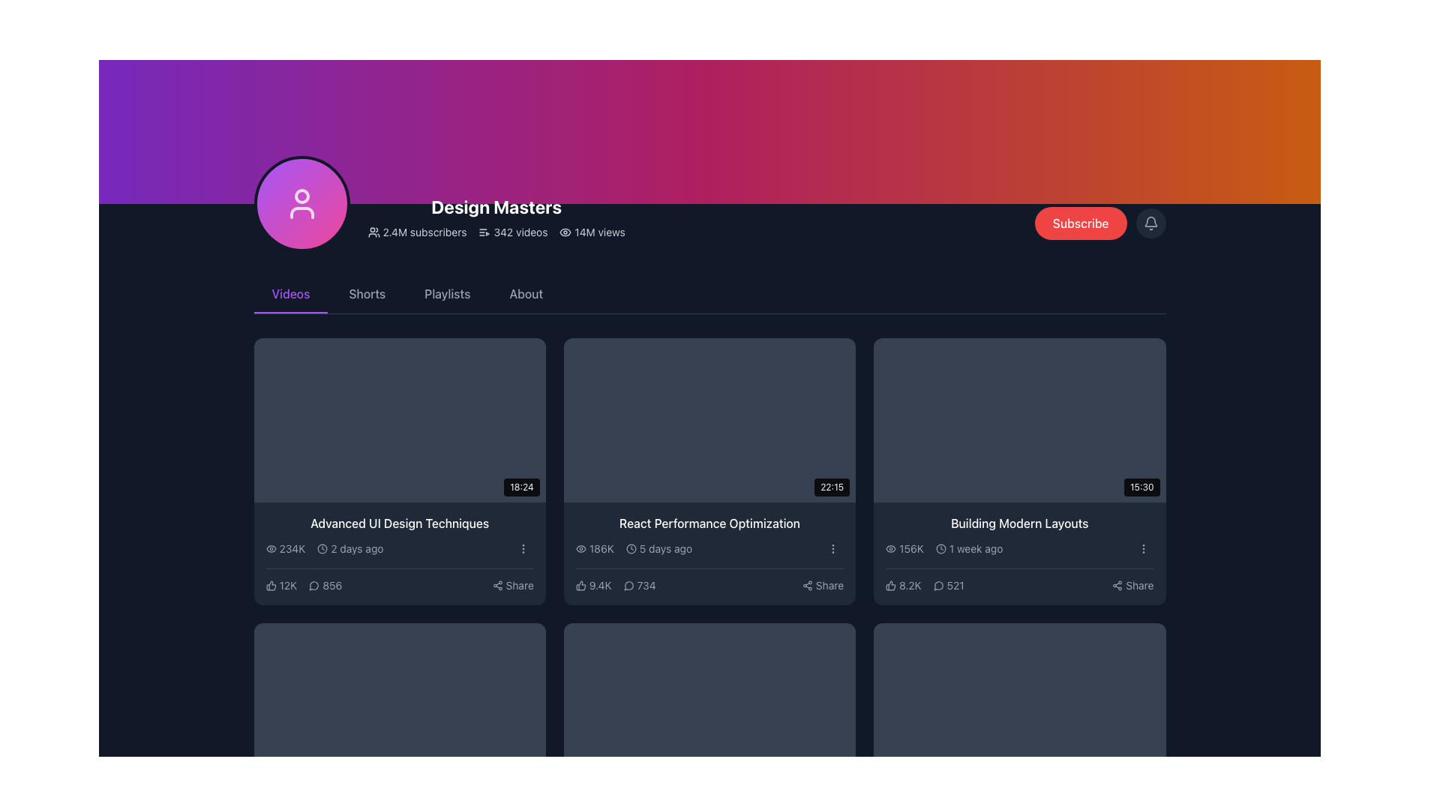 The image size is (1440, 810). What do you see at coordinates (271, 584) in the screenshot?
I see `the thumbs-up icon located at the bottom of the card for the video 'Advanced UI Design Techniques'` at bounding box center [271, 584].